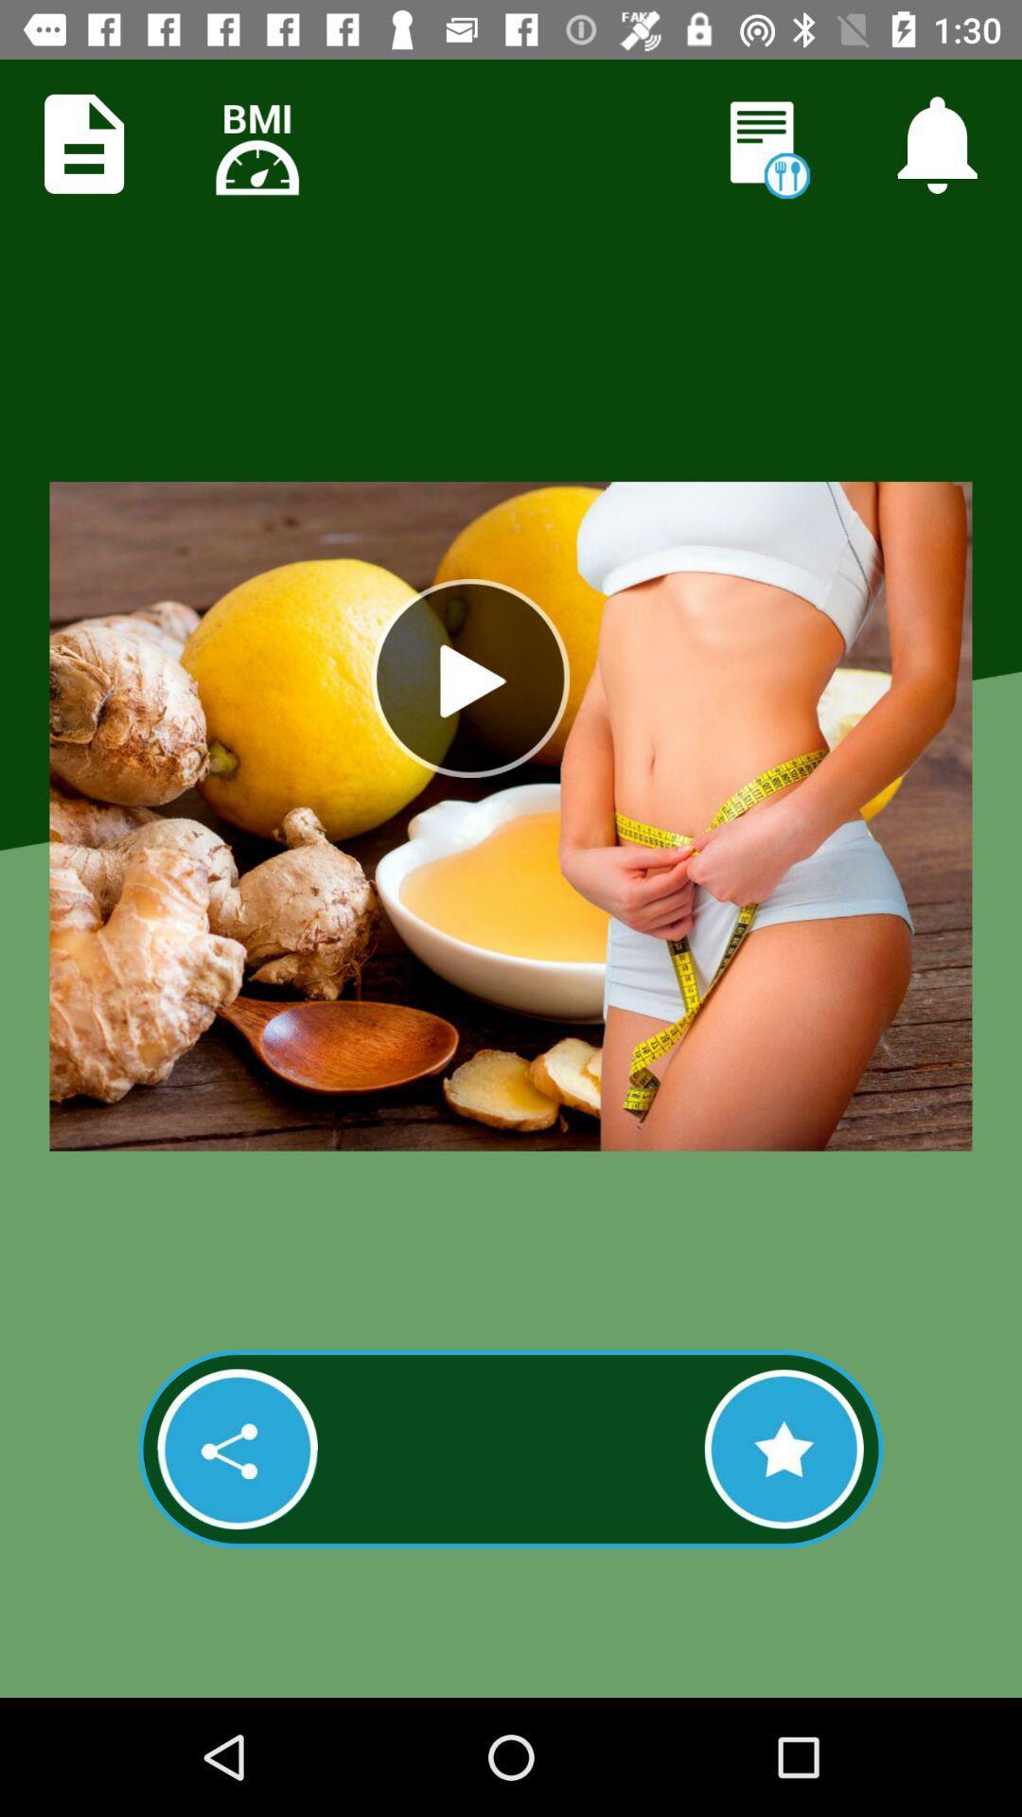 The image size is (1022, 1817). Describe the element at coordinates (784, 1448) in the screenshot. I see `favirate` at that location.